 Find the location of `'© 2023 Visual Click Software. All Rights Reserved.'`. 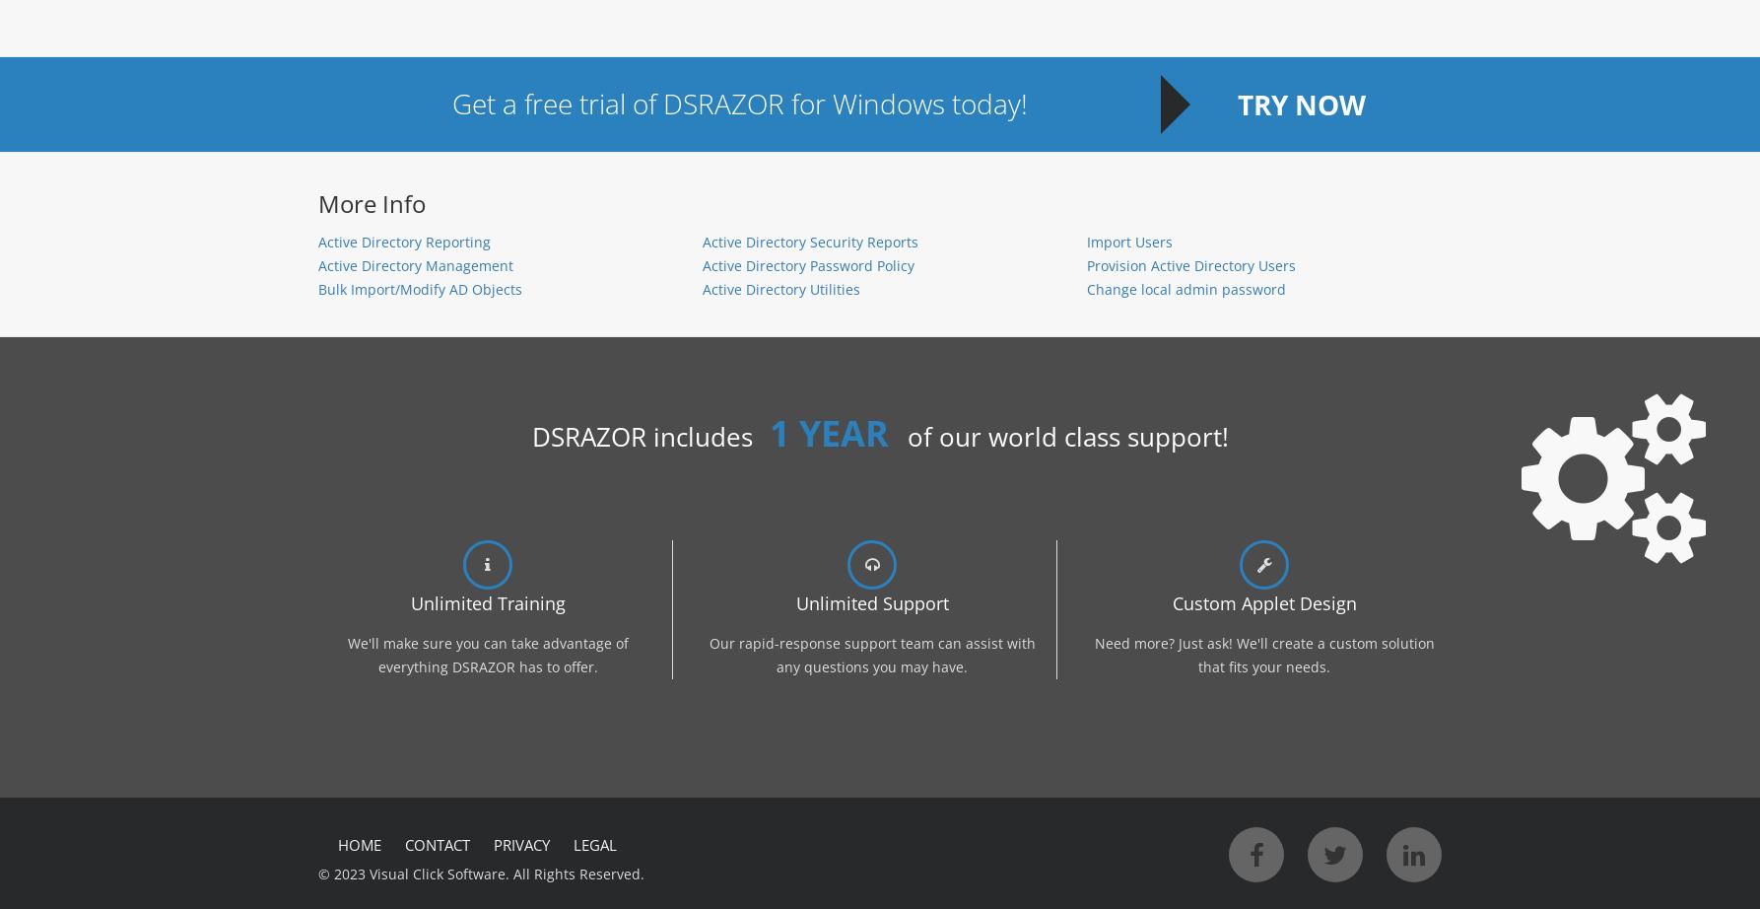

'© 2023 Visual Click Software. All Rights Reserved.' is located at coordinates (480, 873).